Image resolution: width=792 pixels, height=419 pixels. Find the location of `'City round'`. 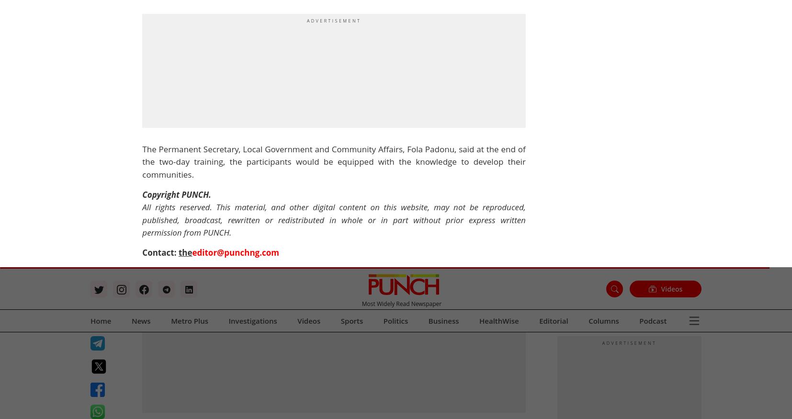

'City round' is located at coordinates (322, 33).